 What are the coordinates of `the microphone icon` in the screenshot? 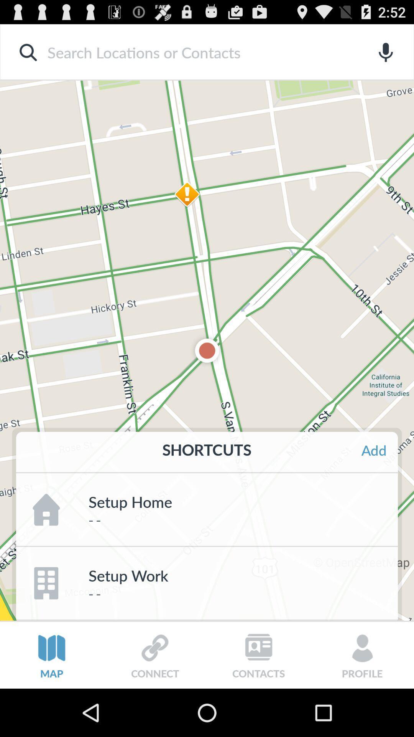 It's located at (386, 56).